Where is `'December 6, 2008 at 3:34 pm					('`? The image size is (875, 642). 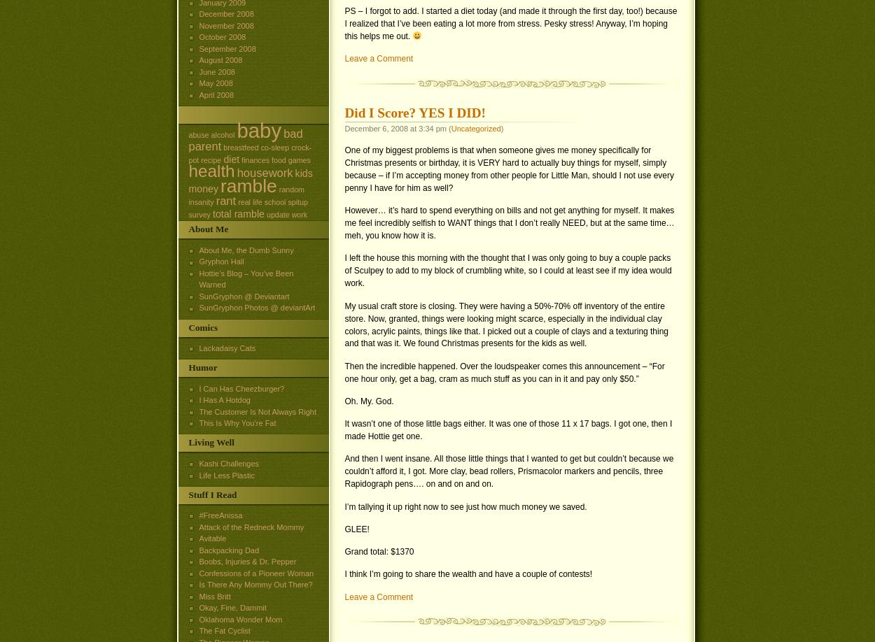
'December 6, 2008 at 3:34 pm					(' is located at coordinates (397, 128).